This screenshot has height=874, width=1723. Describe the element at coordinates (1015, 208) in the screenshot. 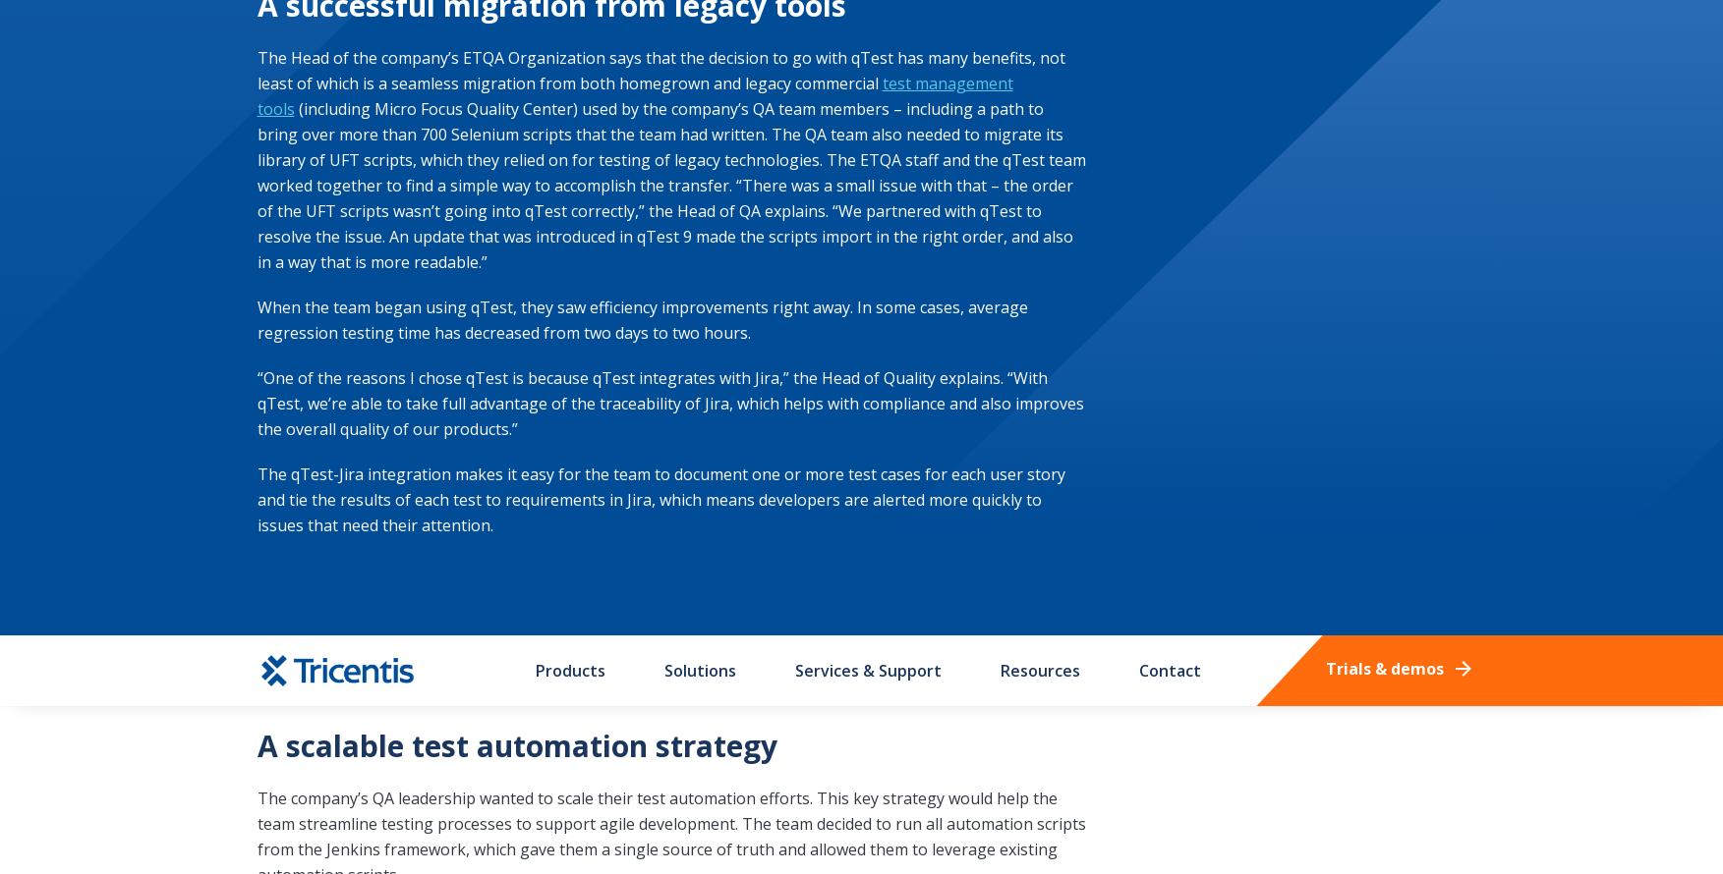

I see `'Privacy Policy'` at that location.